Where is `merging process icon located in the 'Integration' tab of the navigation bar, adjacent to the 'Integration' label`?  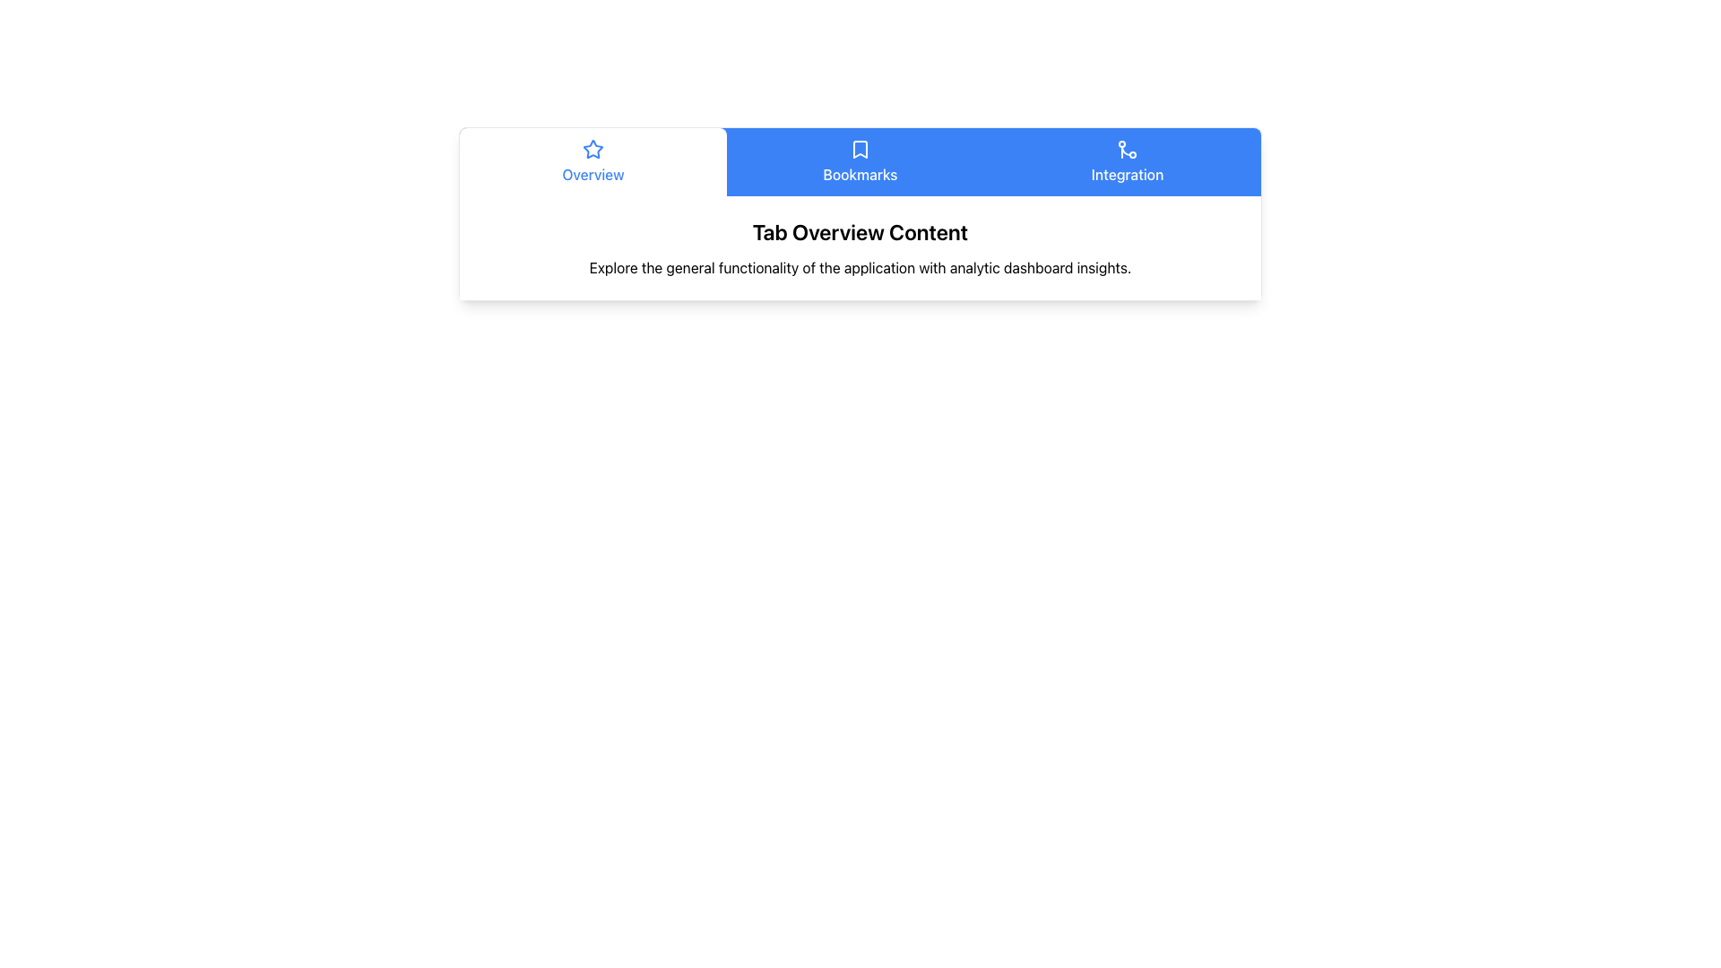 merging process icon located in the 'Integration' tab of the navigation bar, adjacent to the 'Integration' label is located at coordinates (1126, 148).